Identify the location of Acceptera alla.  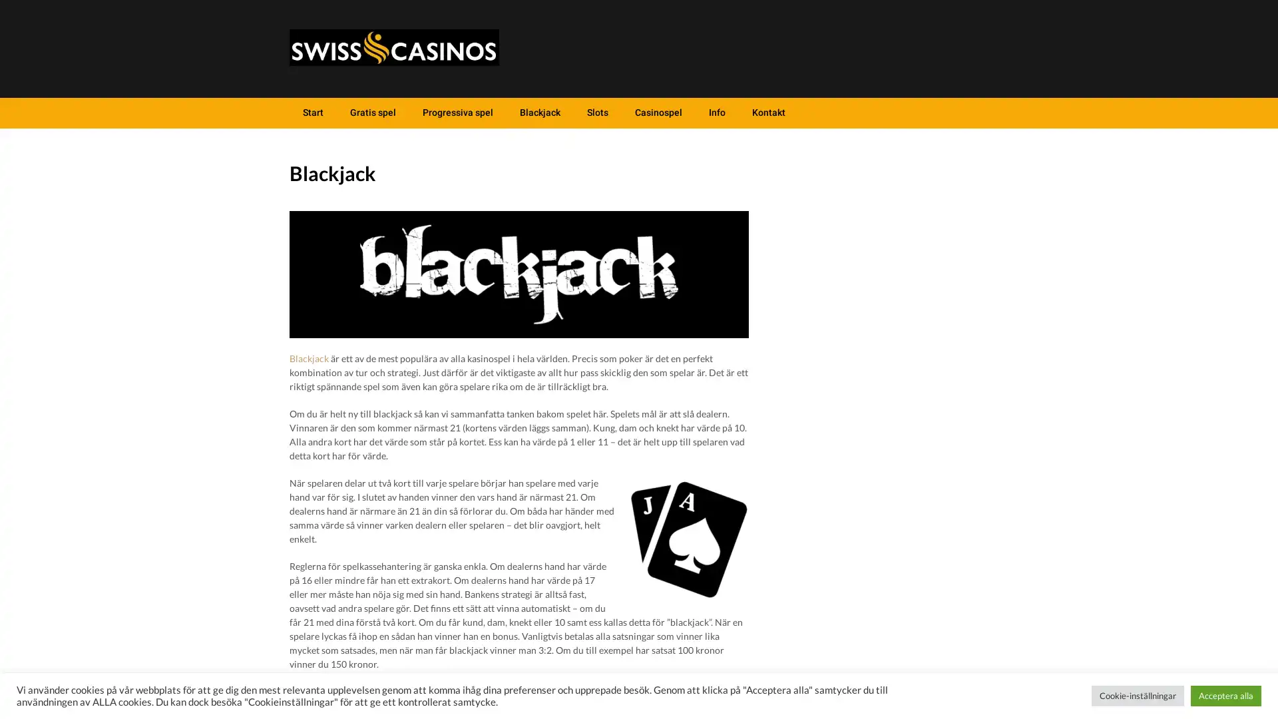
(1225, 695).